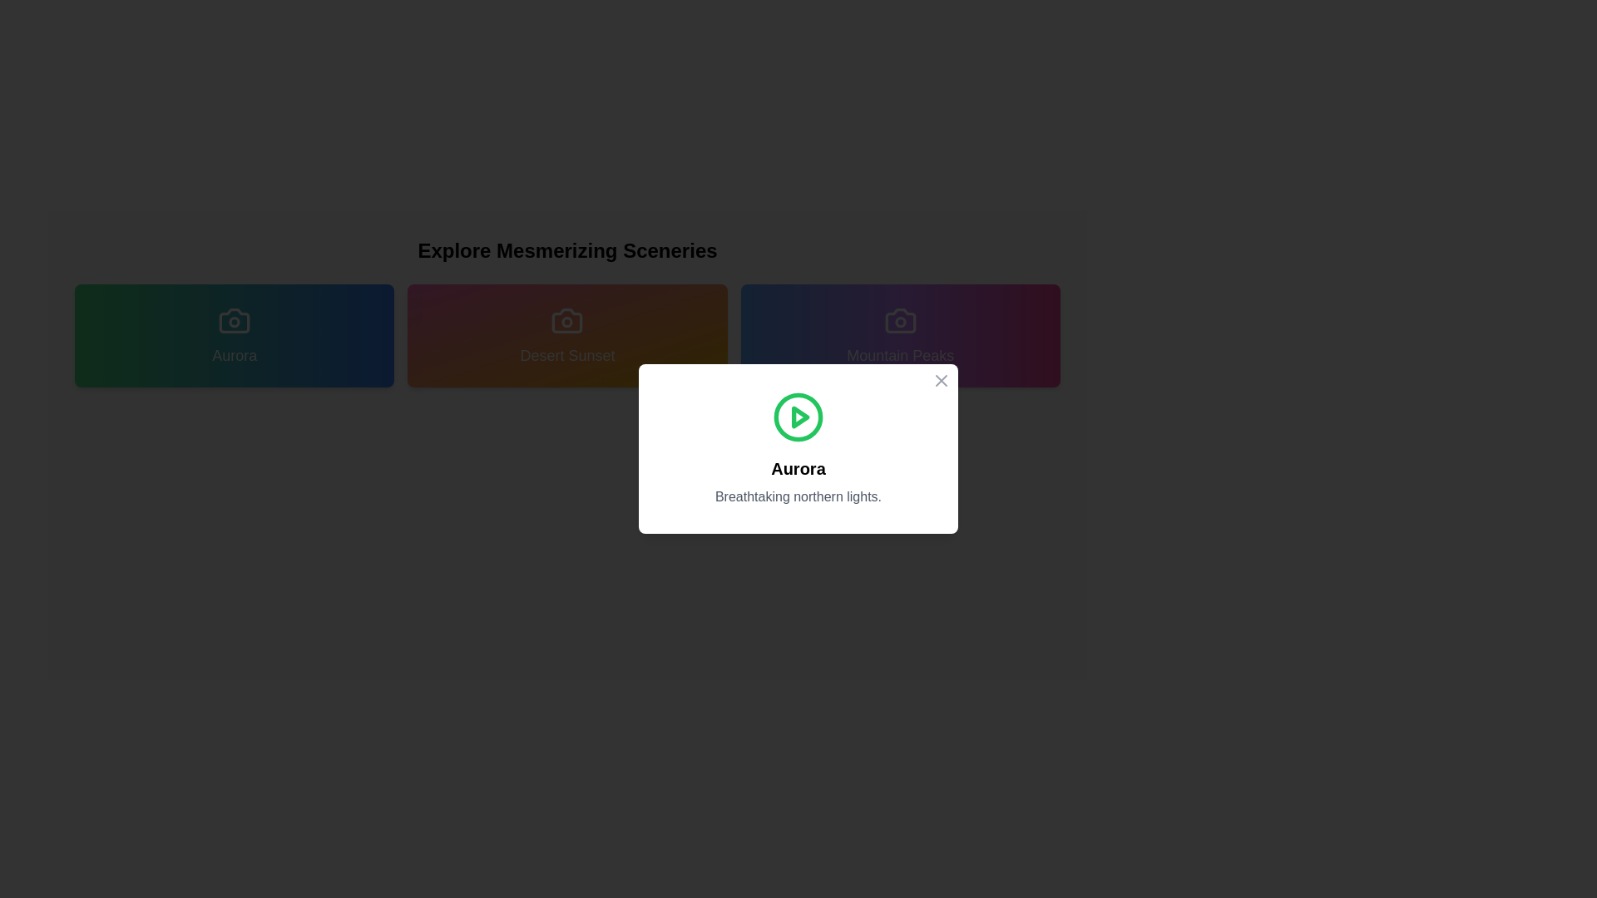 This screenshot has width=1597, height=898. I want to click on the video trigger icon located at the center of the modal popup above the text describing 'Aurora', so click(798, 416).